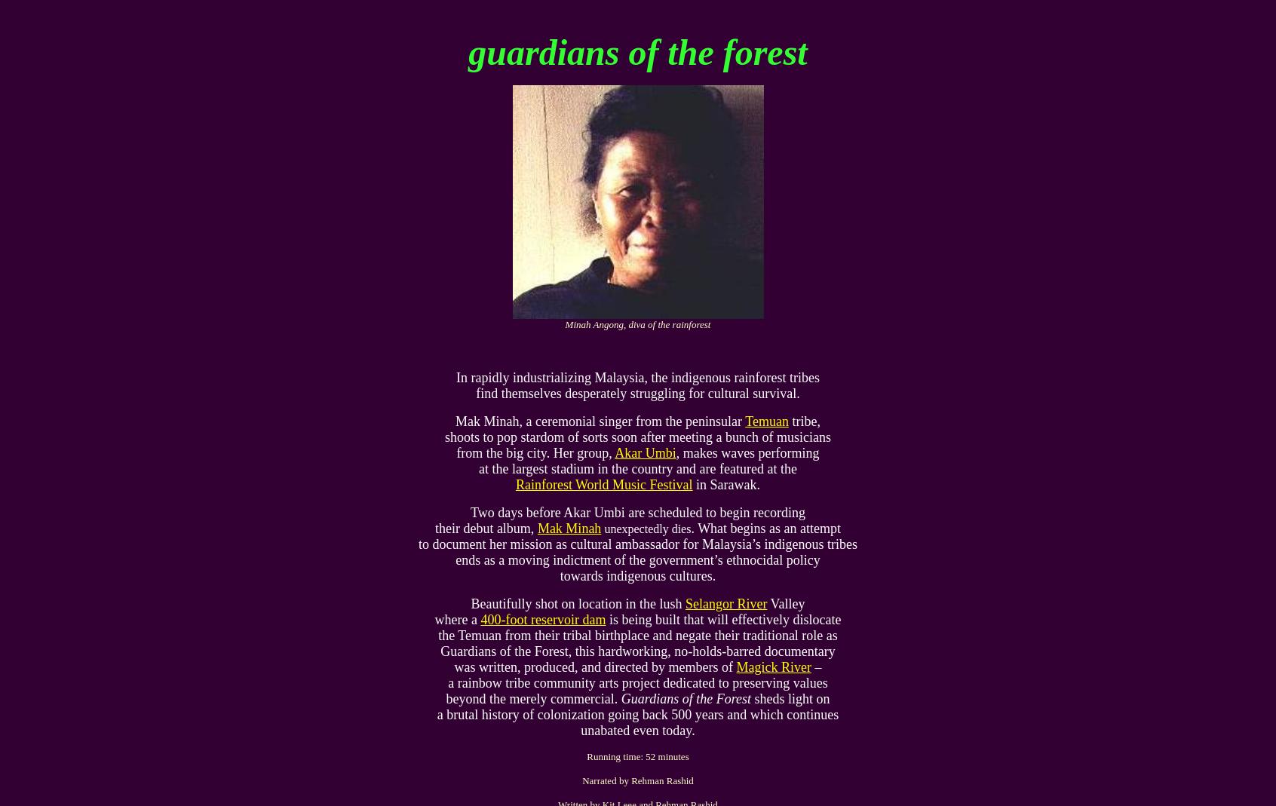 The image size is (1276, 806). I want to click on 'Temuan', so click(765, 421).